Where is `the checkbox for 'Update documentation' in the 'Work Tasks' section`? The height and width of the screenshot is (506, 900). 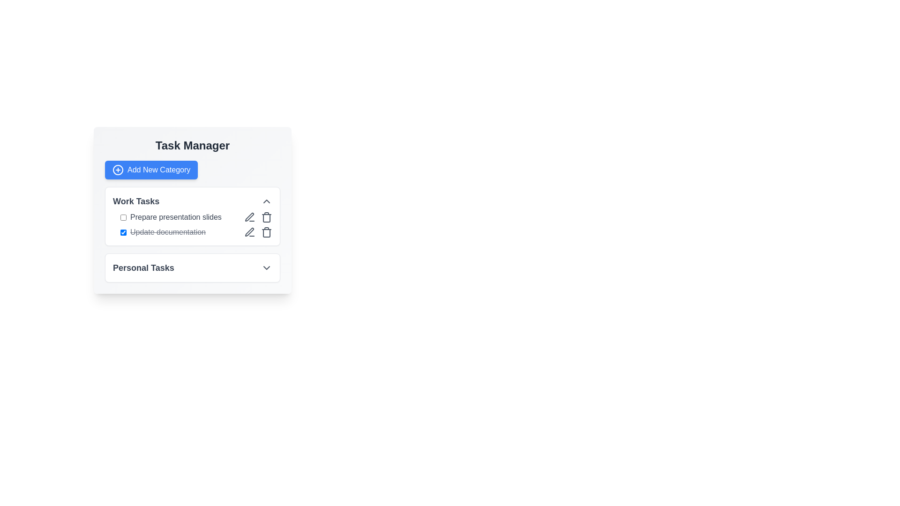 the checkbox for 'Update documentation' in the 'Work Tasks' section is located at coordinates (123, 232).